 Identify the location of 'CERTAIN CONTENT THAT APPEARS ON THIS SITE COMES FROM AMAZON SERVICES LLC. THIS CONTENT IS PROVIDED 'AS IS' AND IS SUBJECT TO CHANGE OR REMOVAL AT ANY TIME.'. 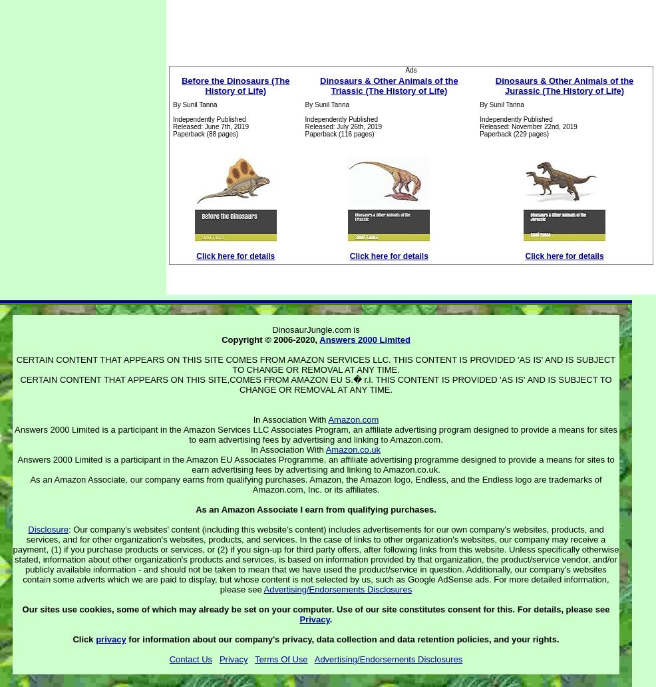
(315, 364).